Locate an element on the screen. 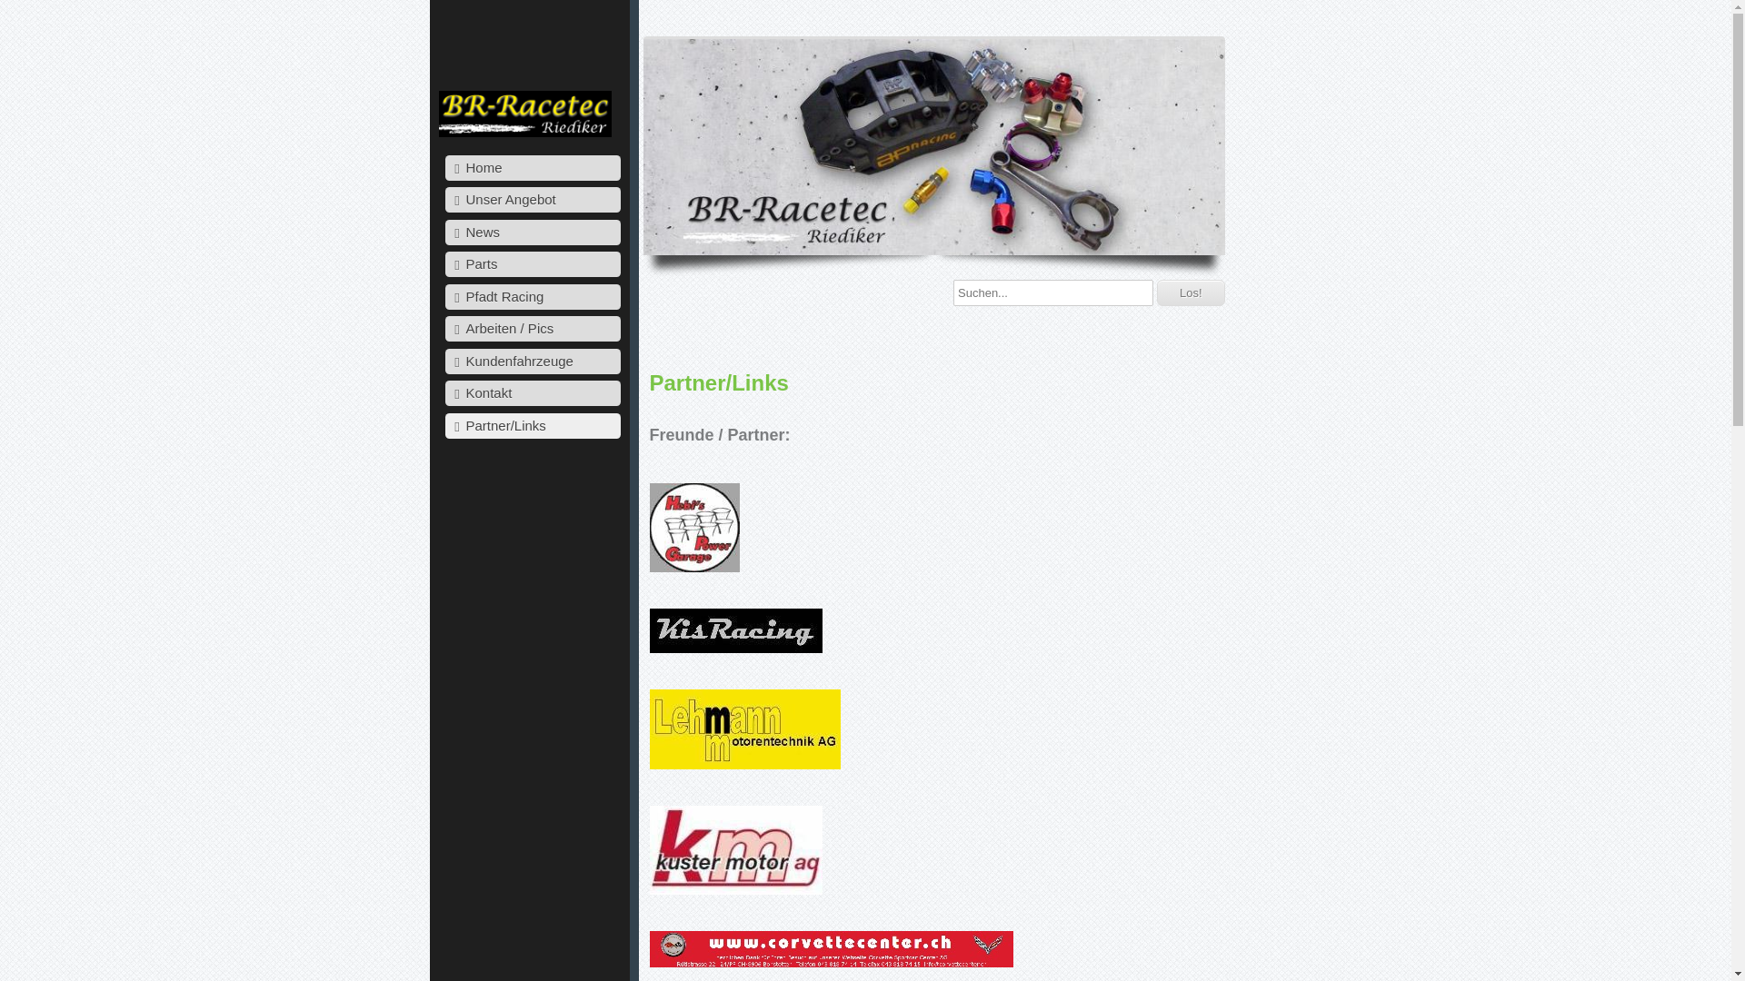 The image size is (1745, 981). 'Home' is located at coordinates (532, 168).